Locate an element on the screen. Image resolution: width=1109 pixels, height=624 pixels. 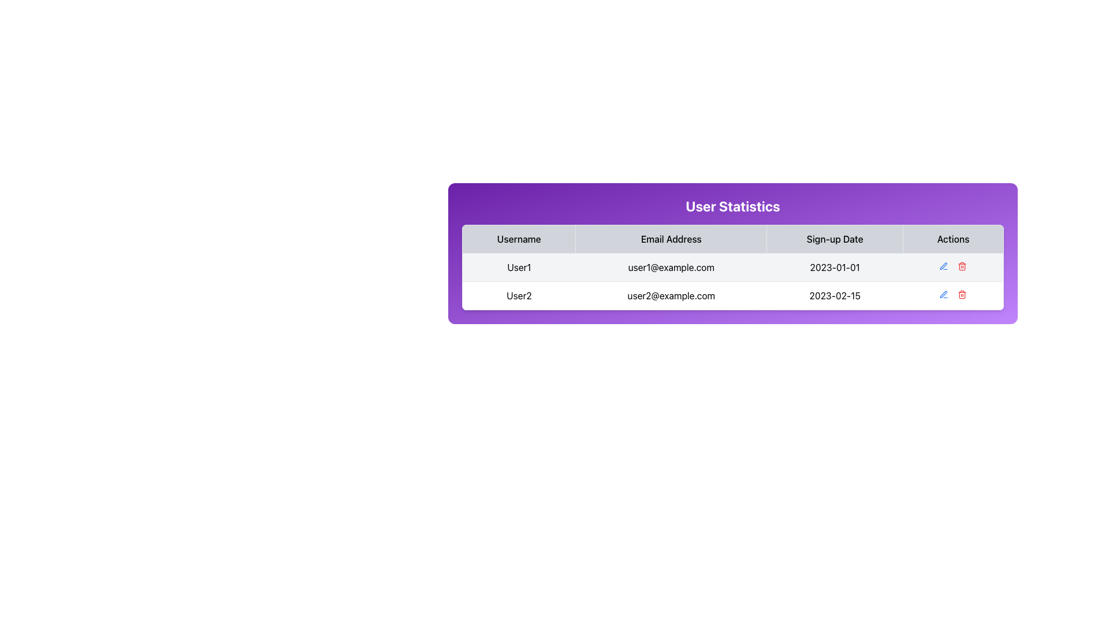
the pen icon used for editing data in the second row under the 'Actions' column corresponding to User2 for keyboard navigation is located at coordinates (944, 294).